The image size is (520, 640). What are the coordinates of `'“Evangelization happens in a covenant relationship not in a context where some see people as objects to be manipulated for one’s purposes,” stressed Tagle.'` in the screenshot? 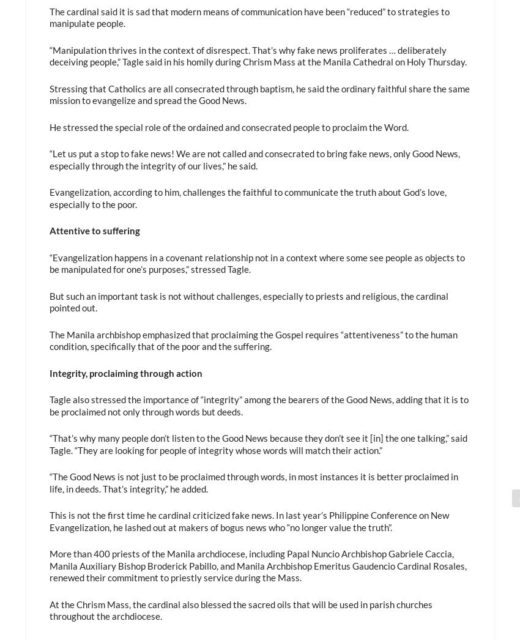 It's located at (256, 262).